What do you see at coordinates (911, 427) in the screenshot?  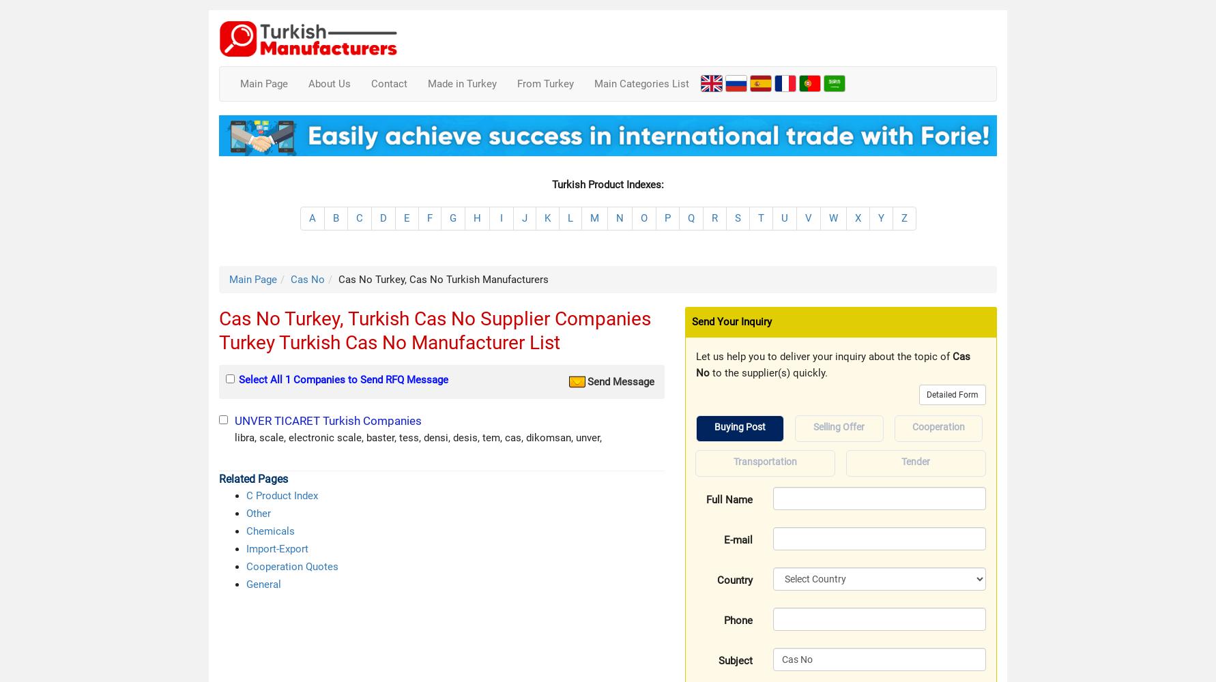 I see `'Cooperation'` at bounding box center [911, 427].